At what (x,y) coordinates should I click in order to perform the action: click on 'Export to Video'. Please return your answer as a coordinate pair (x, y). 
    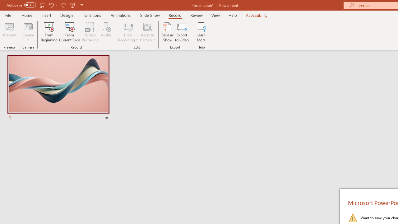
    Looking at the image, I should click on (182, 32).